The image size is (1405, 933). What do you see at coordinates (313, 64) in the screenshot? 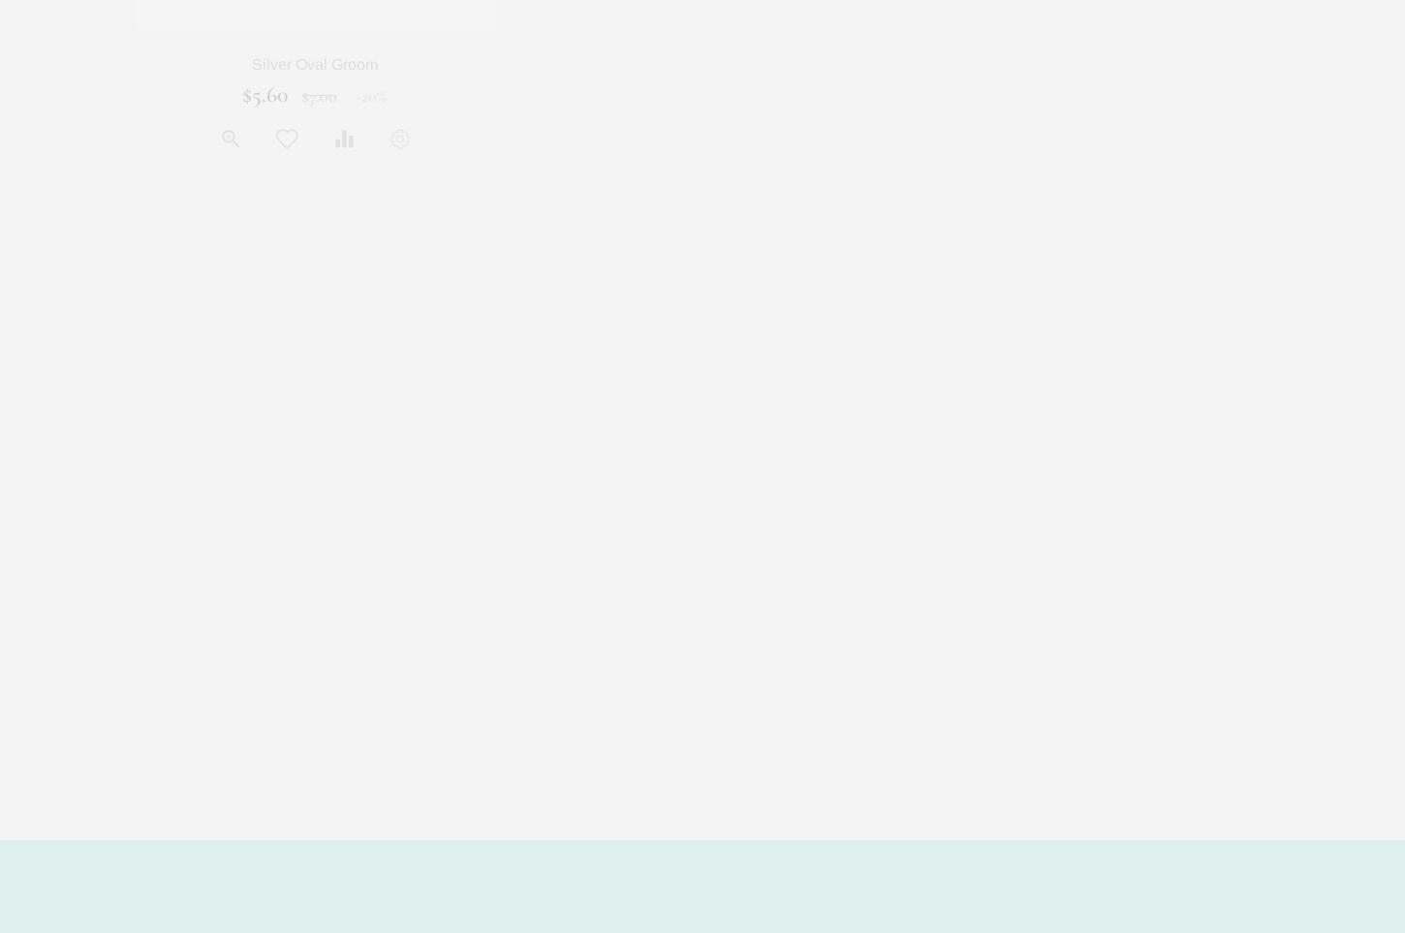
I see `'Silver Oval Groom'` at bounding box center [313, 64].